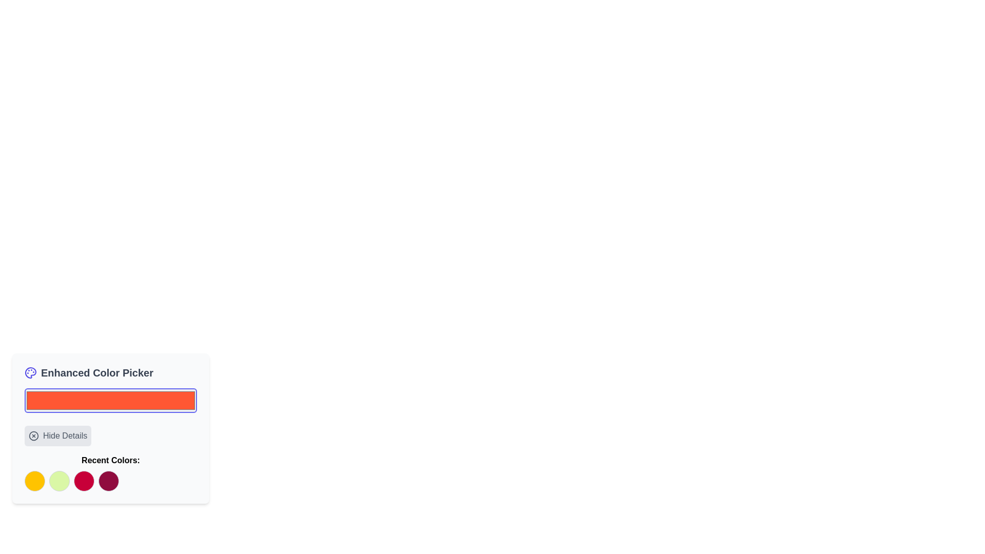 This screenshot has height=554, width=985. I want to click on the fourth selectable color option from the right in the 'Enhanced Color Picker' section, so click(108, 481).